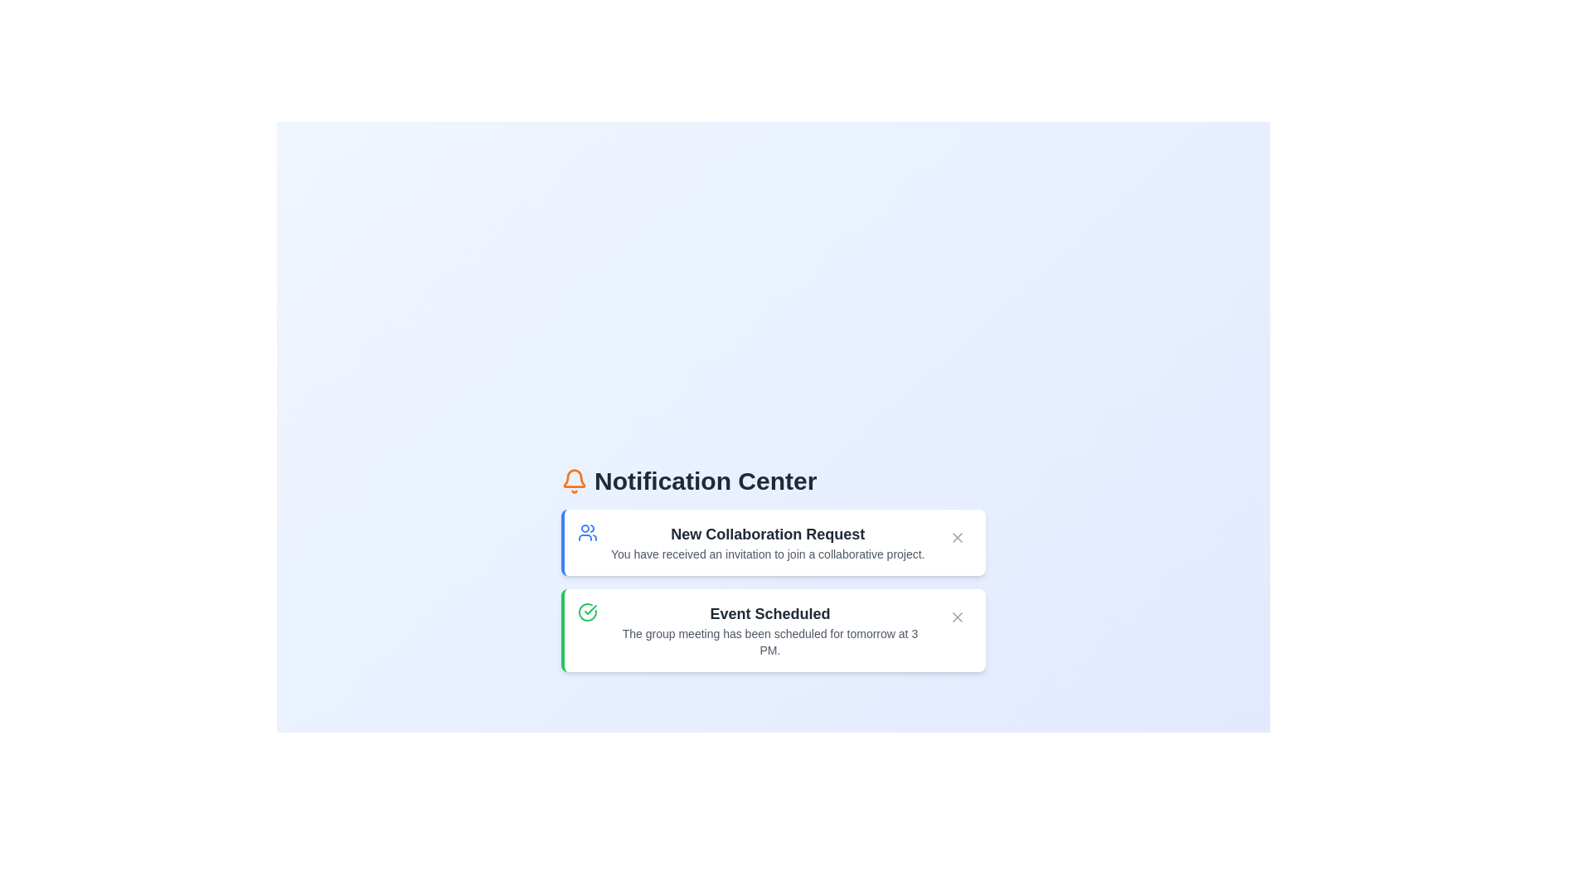 The width and height of the screenshot is (1592, 895). What do you see at coordinates (958, 617) in the screenshot?
I see `the dismiss icon located at the right-hand side of the 'Event Scheduled' notification box to observe any hover effects` at bounding box center [958, 617].